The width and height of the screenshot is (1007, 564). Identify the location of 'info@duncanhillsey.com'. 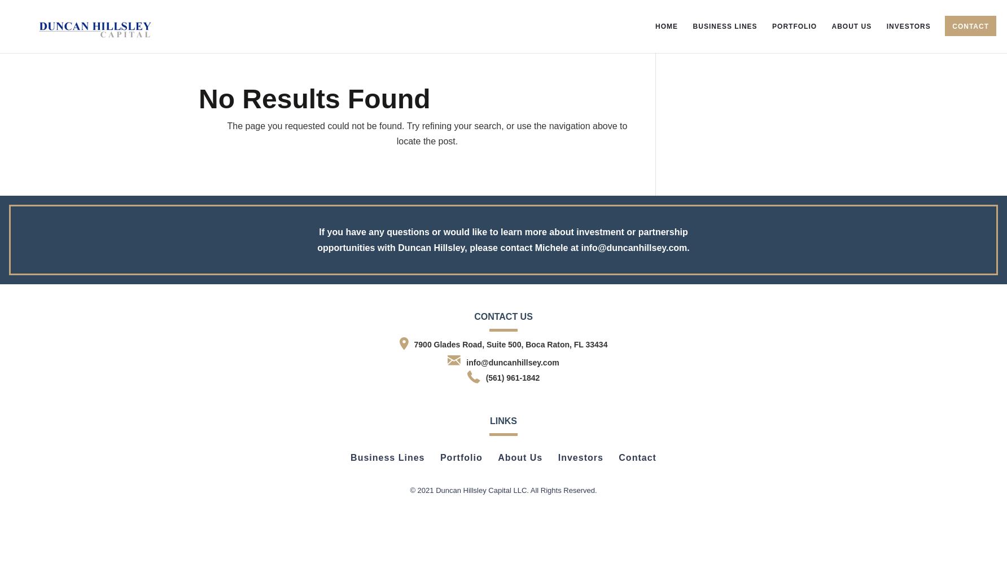
(465, 362).